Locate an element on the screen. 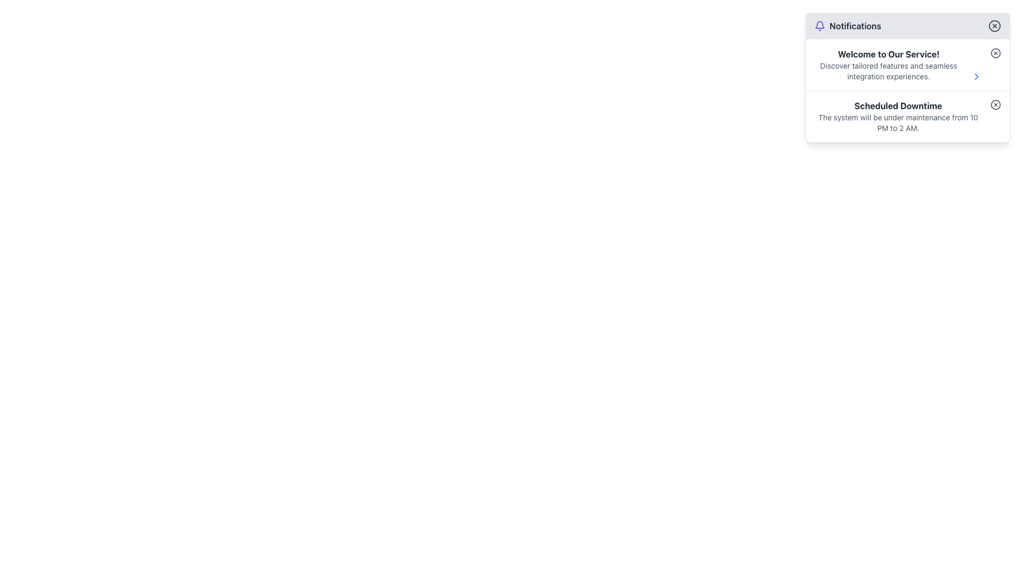  the circular interactive icon with an 'X' marker in its center, located at the top right corner of the notification card is located at coordinates (995, 53).